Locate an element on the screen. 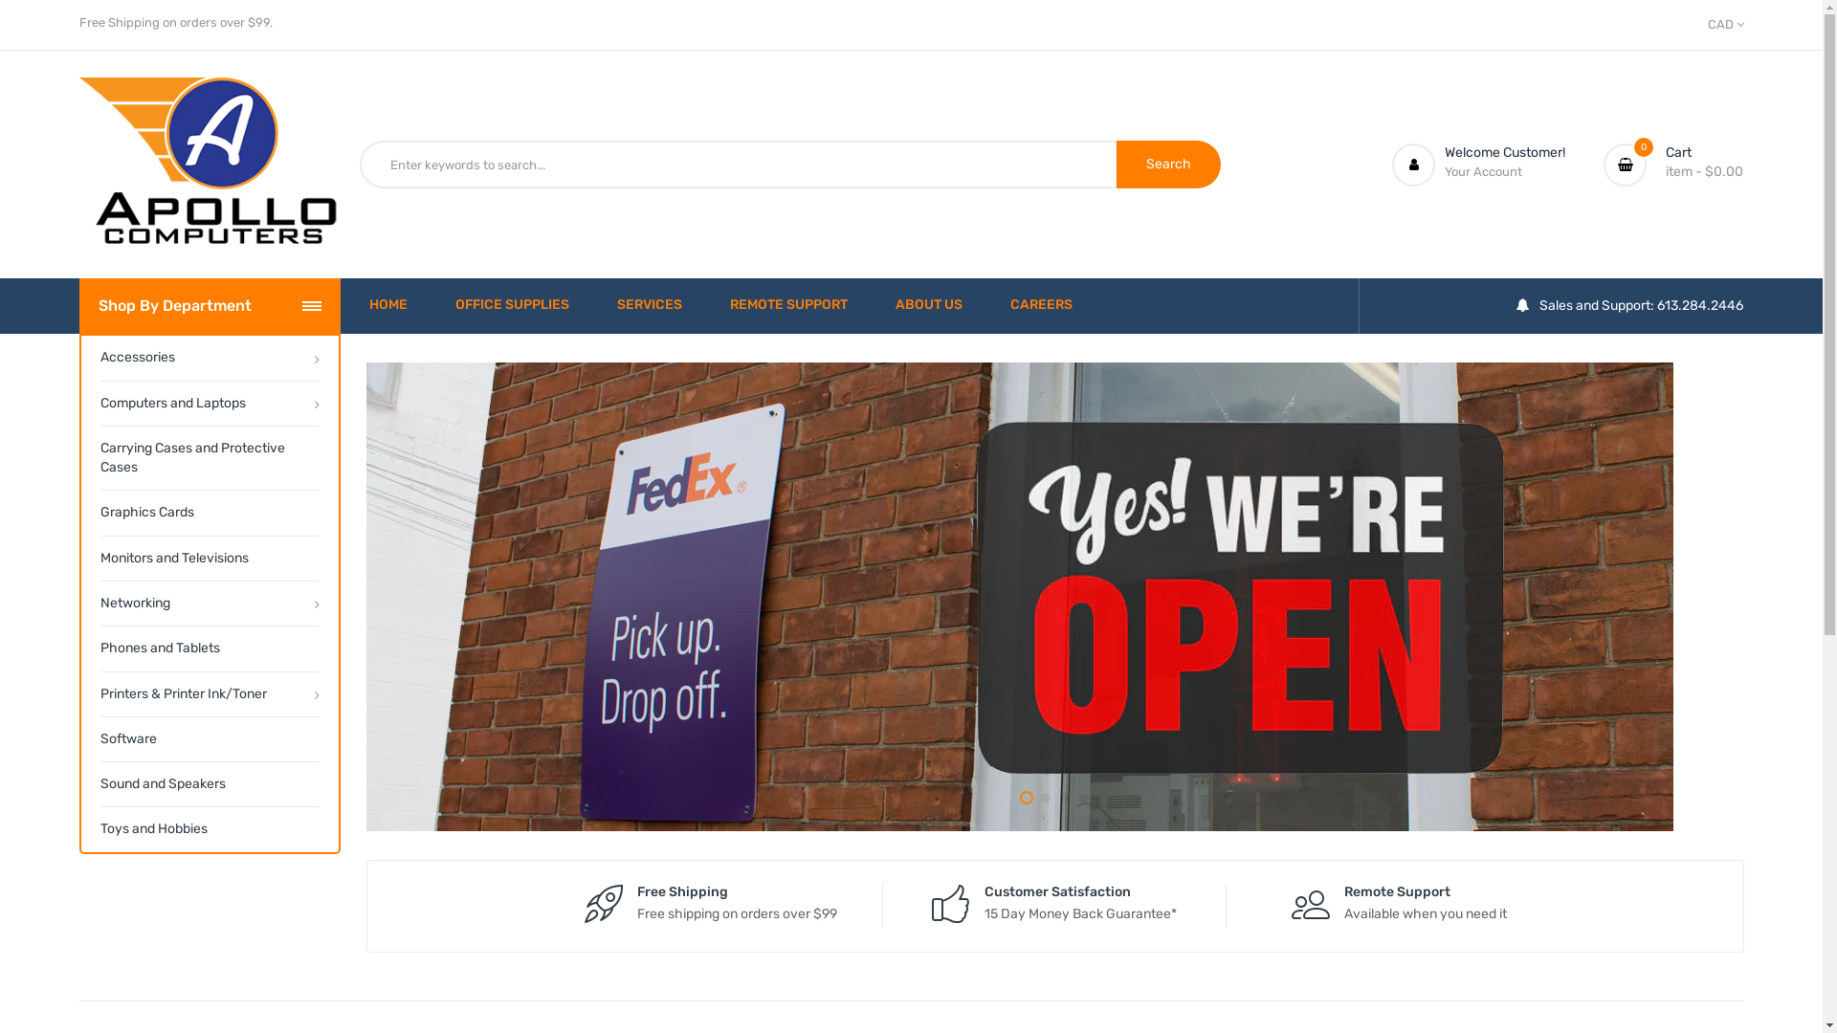 This screenshot has height=1033, width=1837. 'Your Account' is located at coordinates (1482, 170).